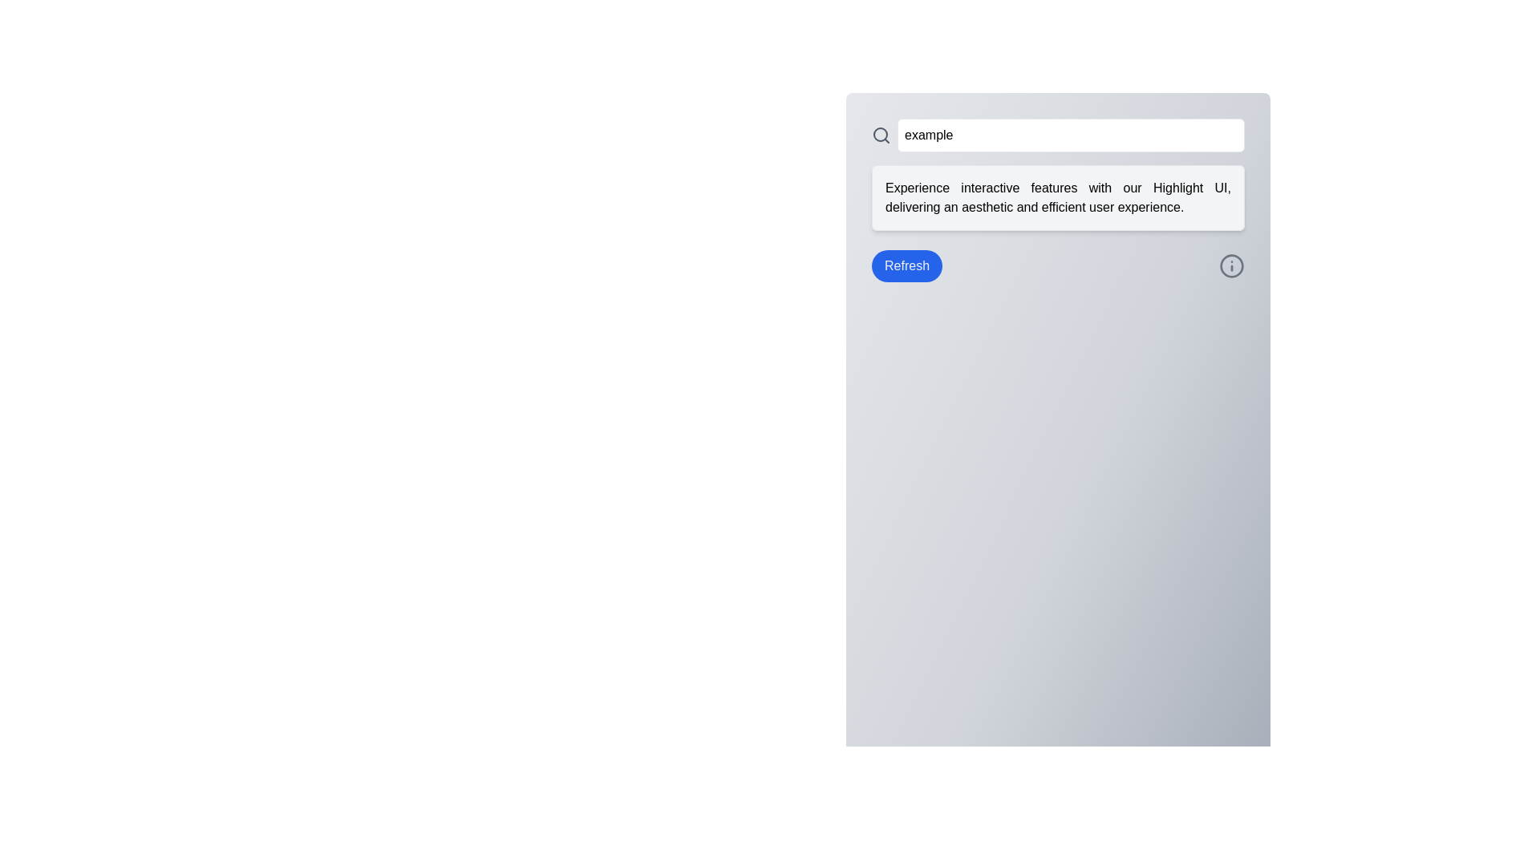  What do you see at coordinates (880, 134) in the screenshot?
I see `the circular vector graphic component located at the center of the magnifying glass icon, which is part of the search functionality in the interface` at bounding box center [880, 134].